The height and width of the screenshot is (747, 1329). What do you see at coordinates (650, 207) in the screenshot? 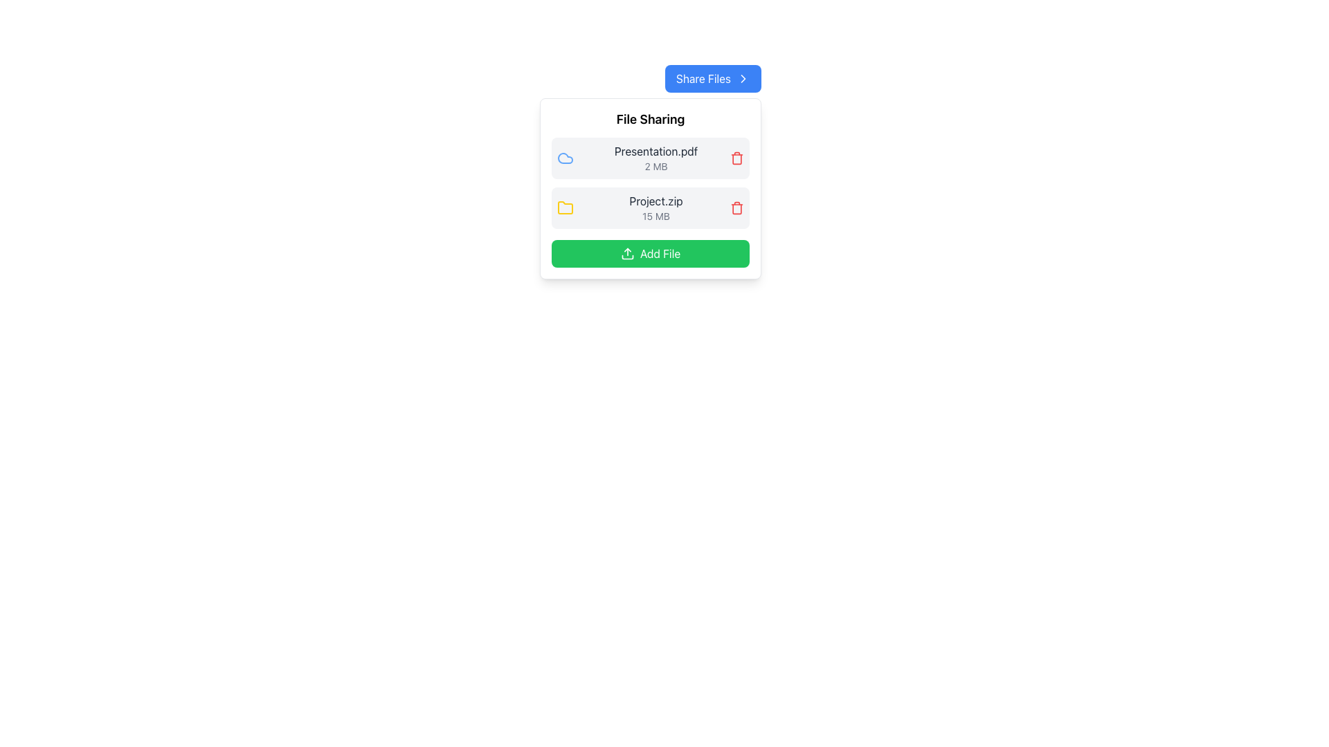
I see `the file listing entry for 'Project.zip', which is the second item in the 'File Sharing' interface` at bounding box center [650, 207].